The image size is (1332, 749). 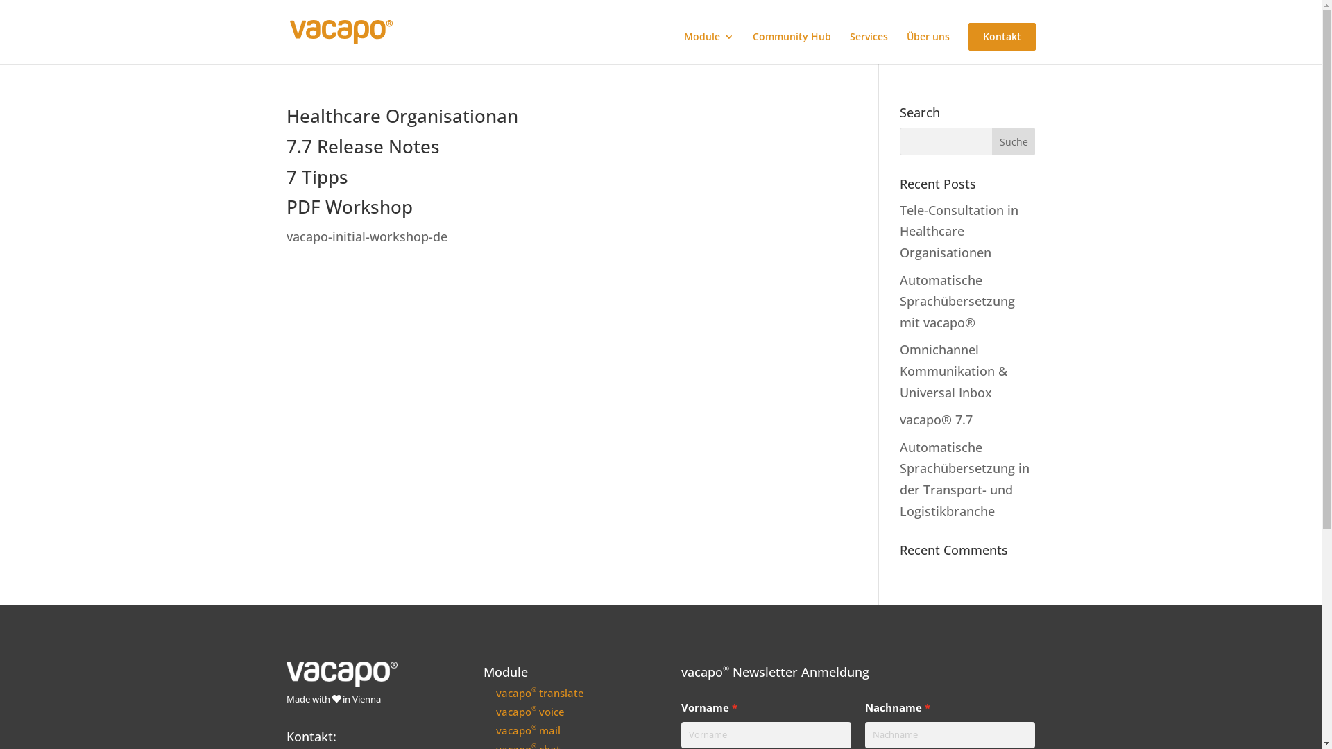 I want to click on 'Module', so click(x=683, y=47).